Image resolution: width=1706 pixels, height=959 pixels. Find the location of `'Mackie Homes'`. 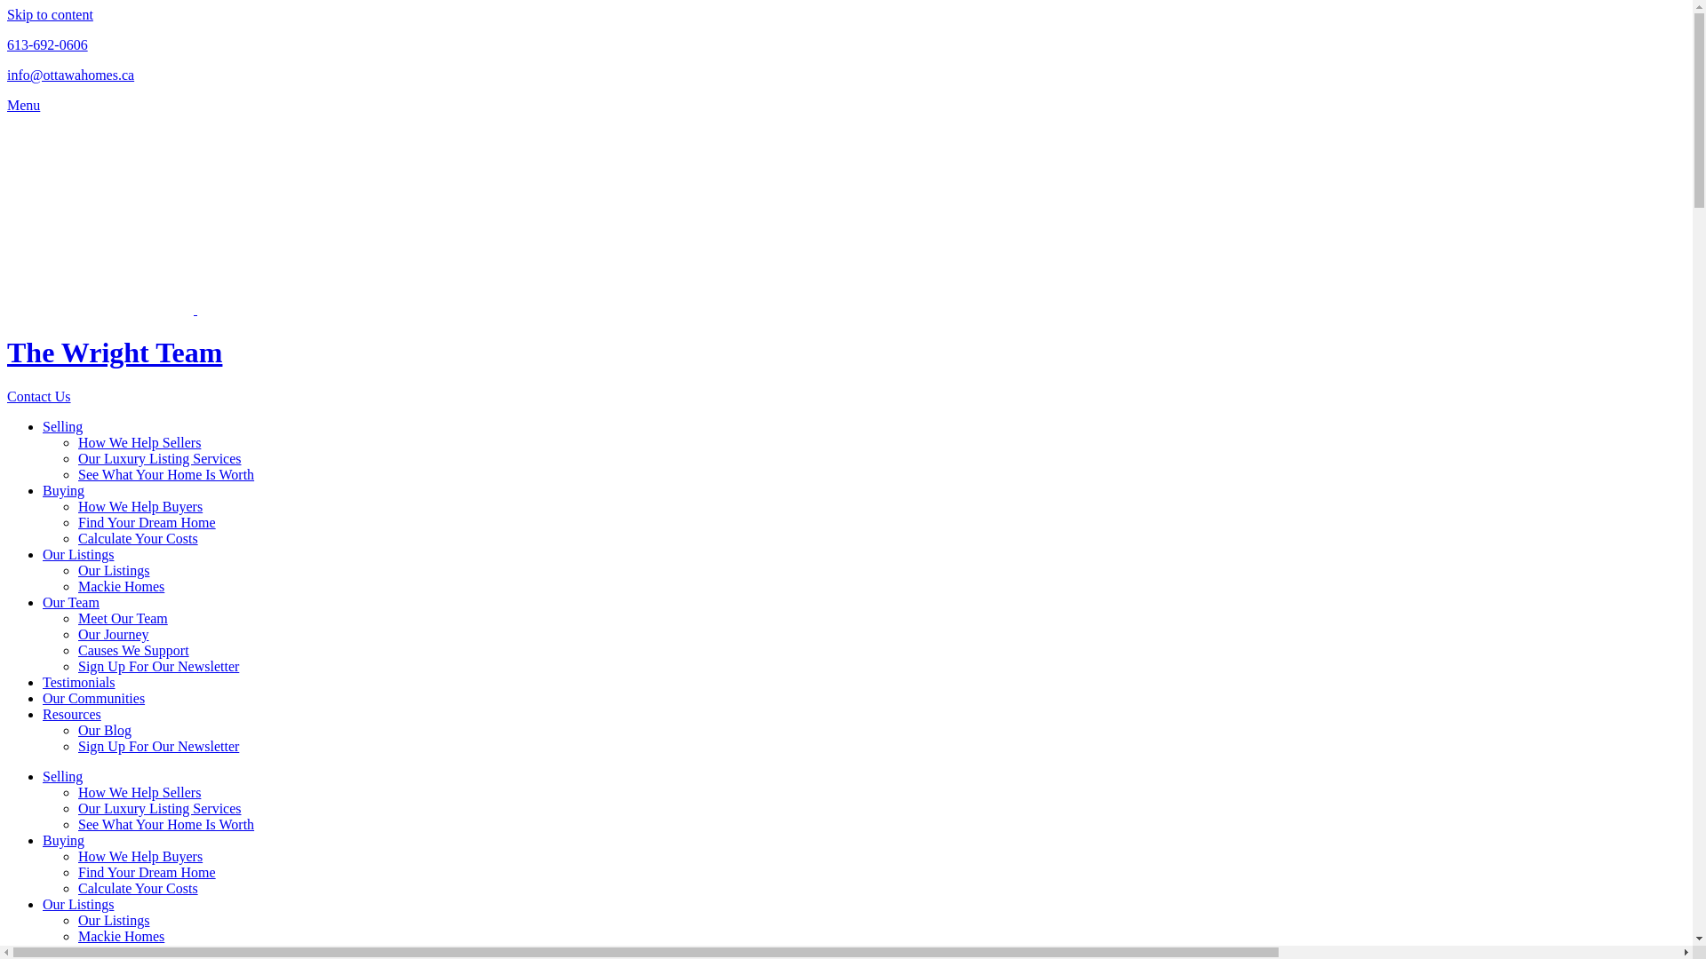

'Mackie Homes' is located at coordinates (120, 935).